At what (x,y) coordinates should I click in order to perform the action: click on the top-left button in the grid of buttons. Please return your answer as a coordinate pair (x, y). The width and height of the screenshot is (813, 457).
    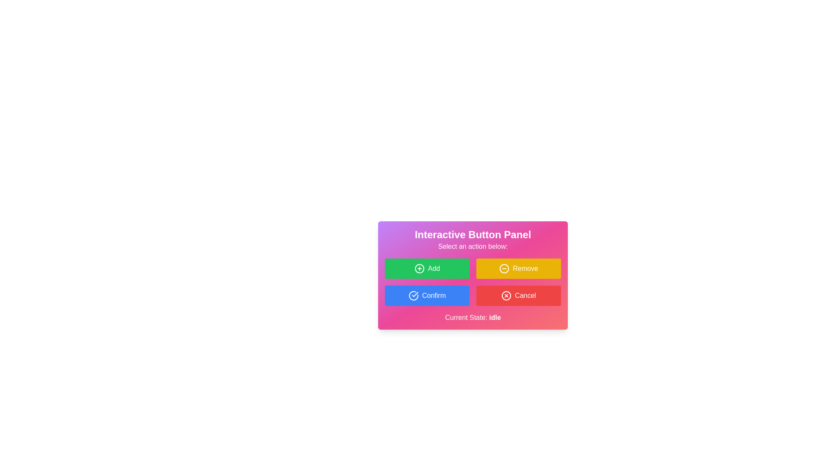
    Looking at the image, I should click on (427, 269).